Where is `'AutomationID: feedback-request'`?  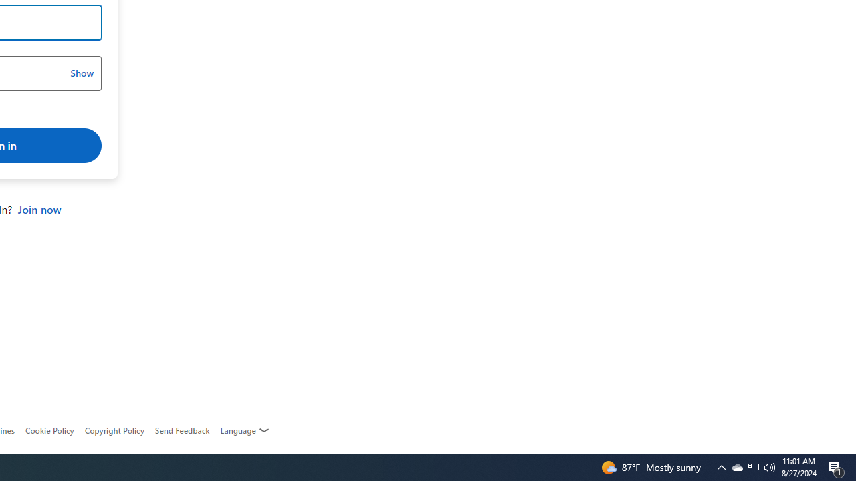 'AutomationID: feedback-request' is located at coordinates (181, 430).